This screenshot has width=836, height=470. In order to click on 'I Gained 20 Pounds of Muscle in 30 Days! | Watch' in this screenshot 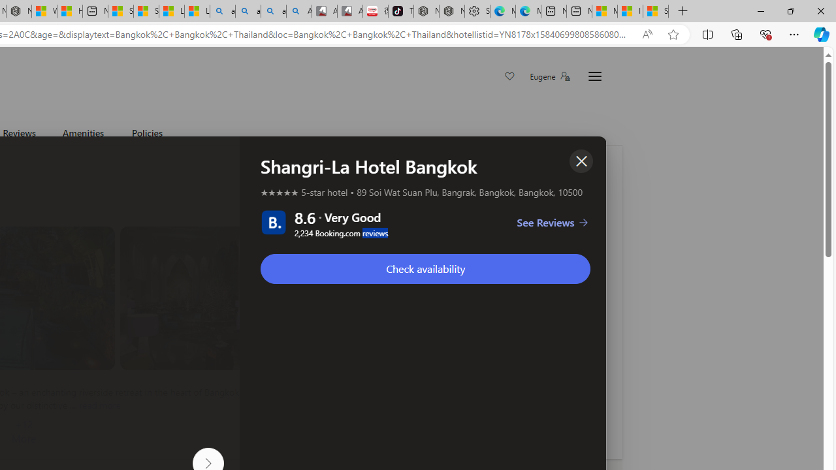, I will do `click(630, 11)`.